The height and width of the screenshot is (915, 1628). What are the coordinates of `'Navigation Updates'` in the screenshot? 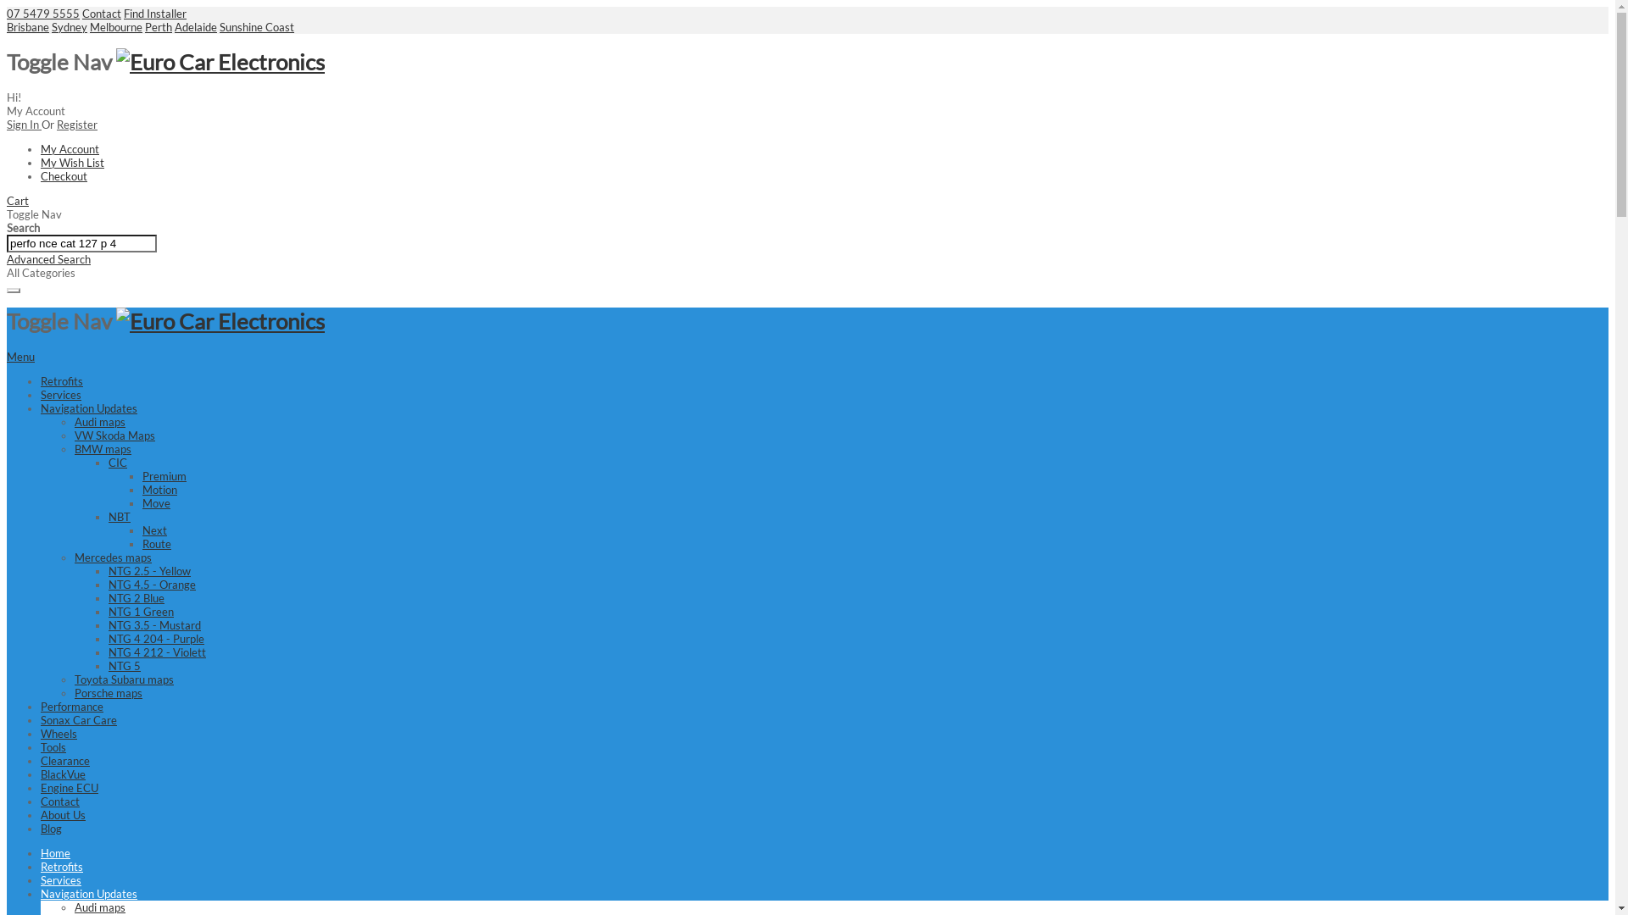 It's located at (88, 408).